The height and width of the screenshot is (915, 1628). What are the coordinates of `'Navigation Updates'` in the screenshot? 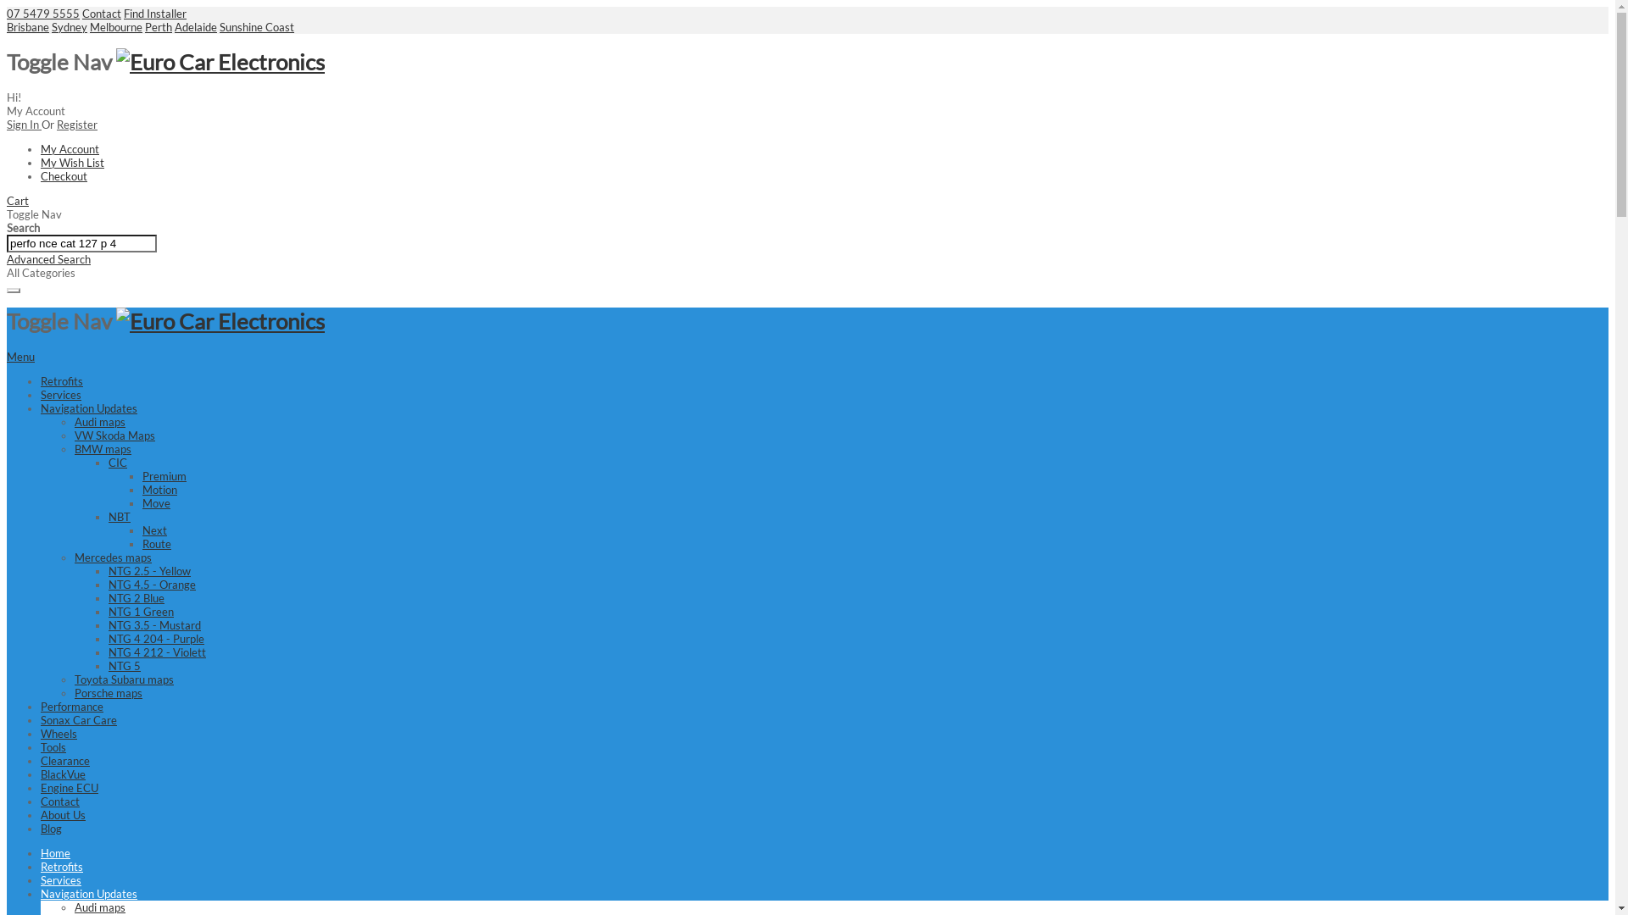 It's located at (88, 408).